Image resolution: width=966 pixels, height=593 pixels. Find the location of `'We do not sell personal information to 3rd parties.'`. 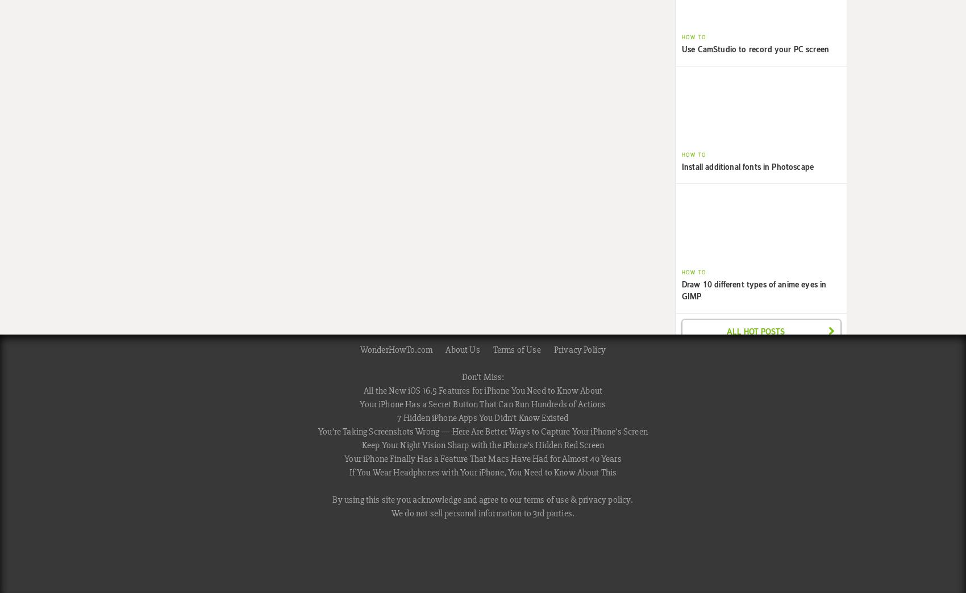

'We do not sell personal information to 3rd parties.' is located at coordinates (390, 513).